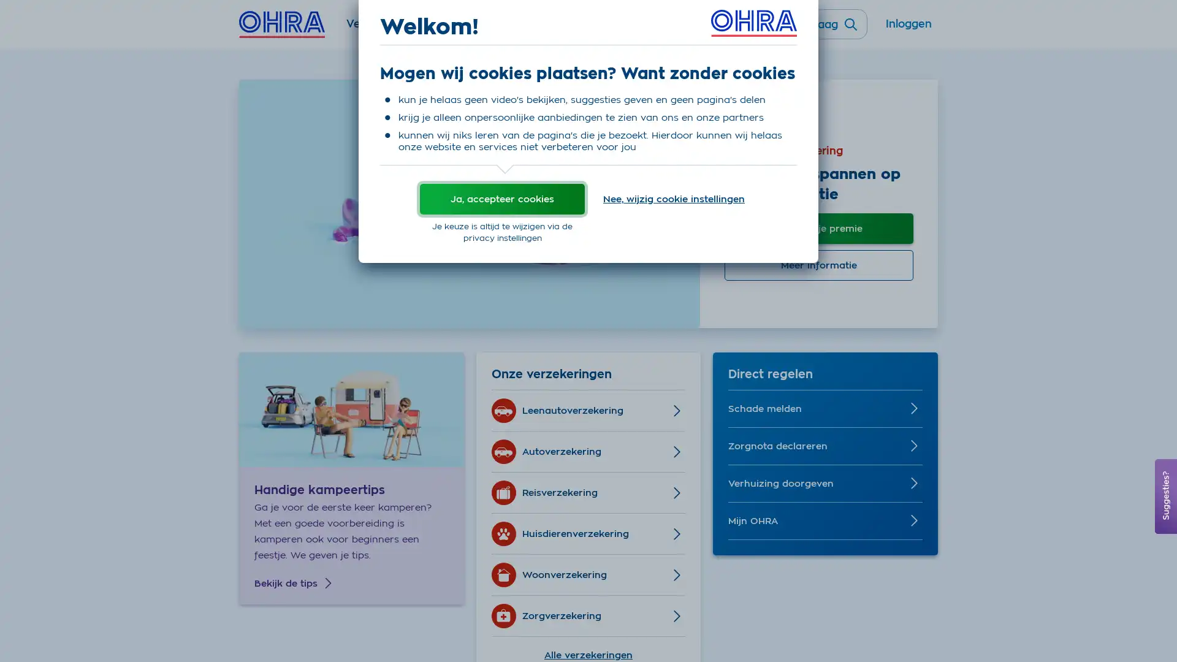 Image resolution: width=1177 pixels, height=662 pixels. What do you see at coordinates (815, 24) in the screenshot?
I see `Stel je vraag` at bounding box center [815, 24].